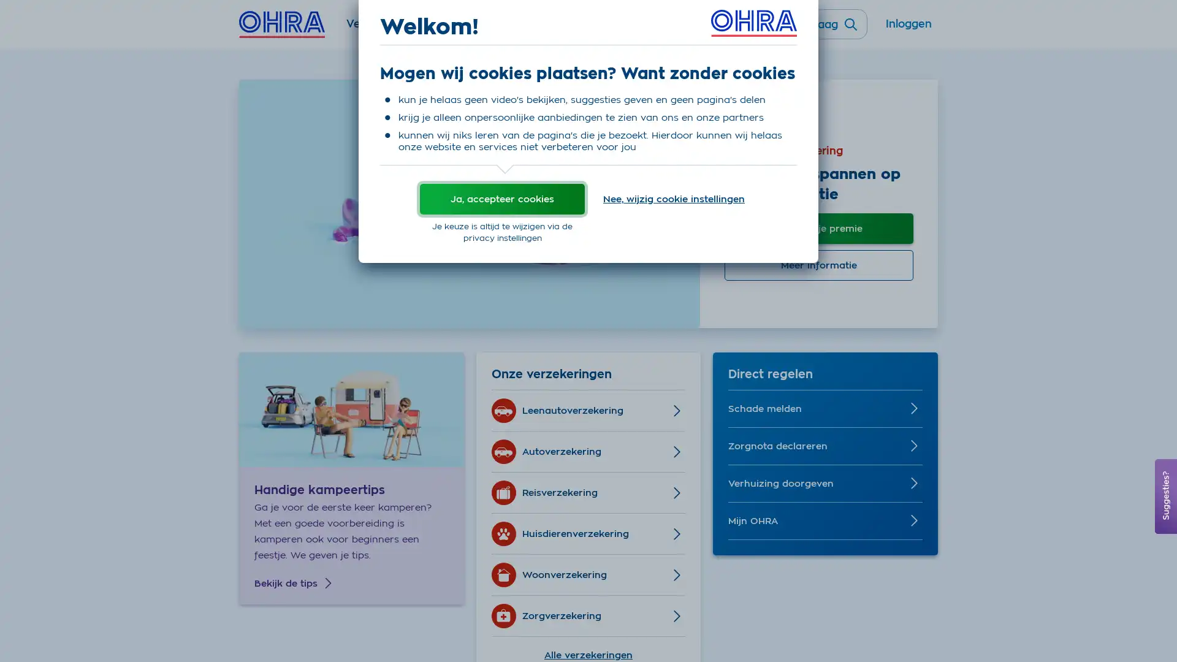 Image resolution: width=1177 pixels, height=662 pixels. What do you see at coordinates (815, 24) in the screenshot?
I see `Stel je vraag` at bounding box center [815, 24].